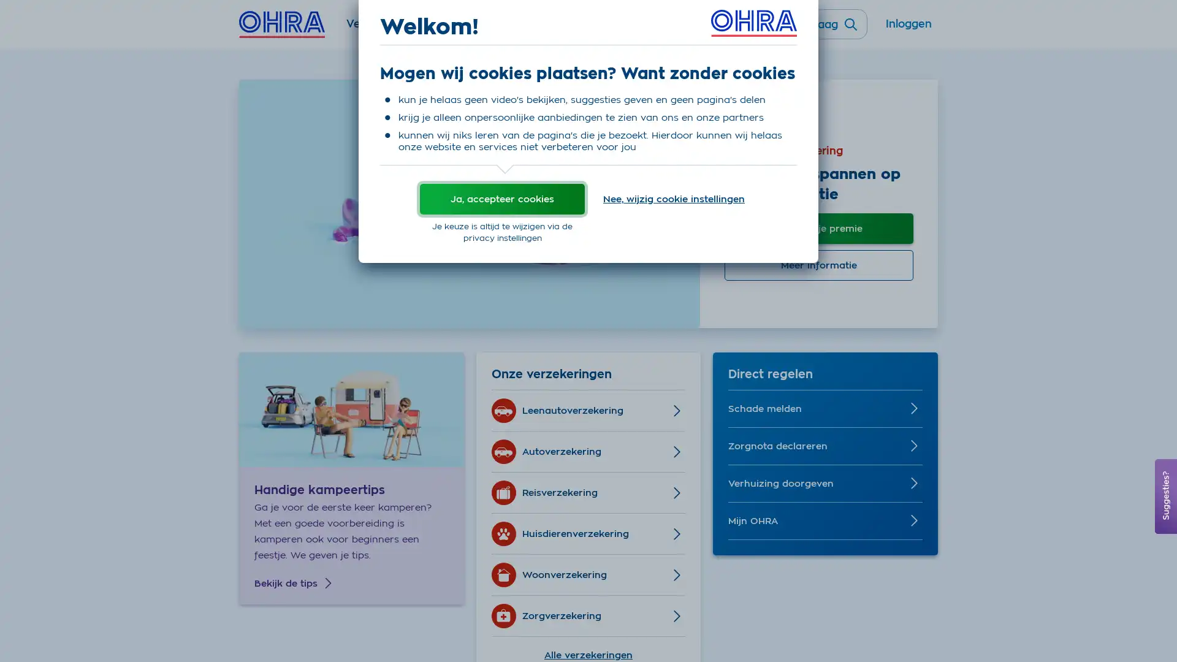 Image resolution: width=1177 pixels, height=662 pixels. What do you see at coordinates (815, 24) in the screenshot?
I see `Stel je vraag` at bounding box center [815, 24].